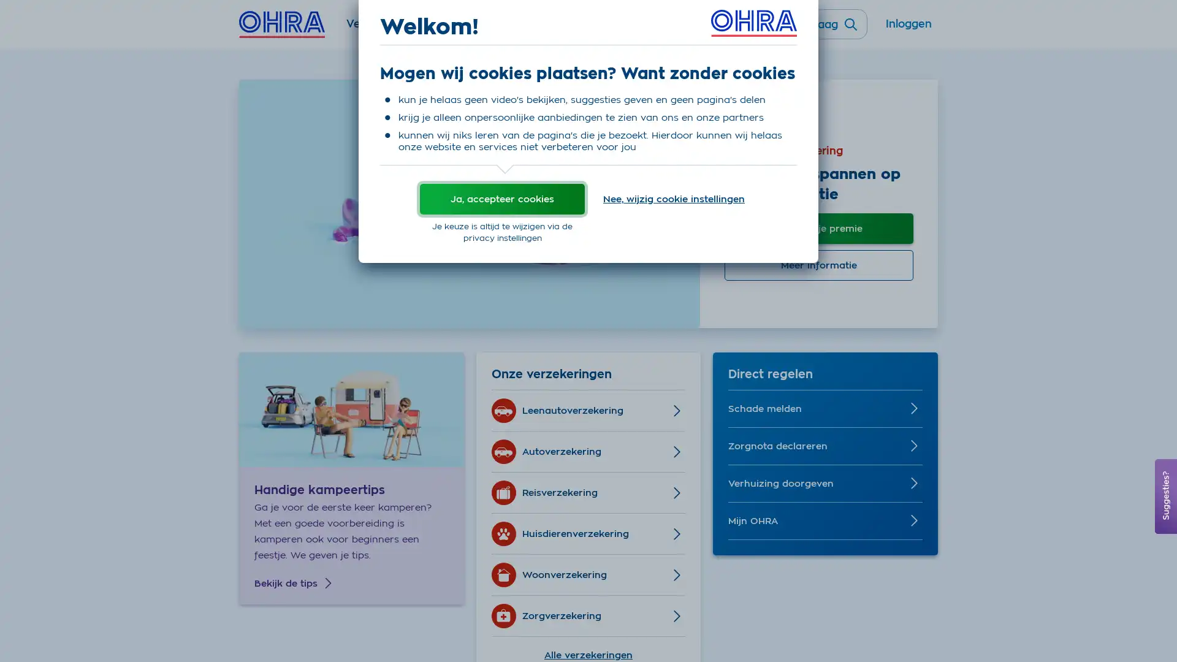 Image resolution: width=1177 pixels, height=662 pixels. What do you see at coordinates (815, 24) in the screenshot?
I see `Stel je vraag` at bounding box center [815, 24].